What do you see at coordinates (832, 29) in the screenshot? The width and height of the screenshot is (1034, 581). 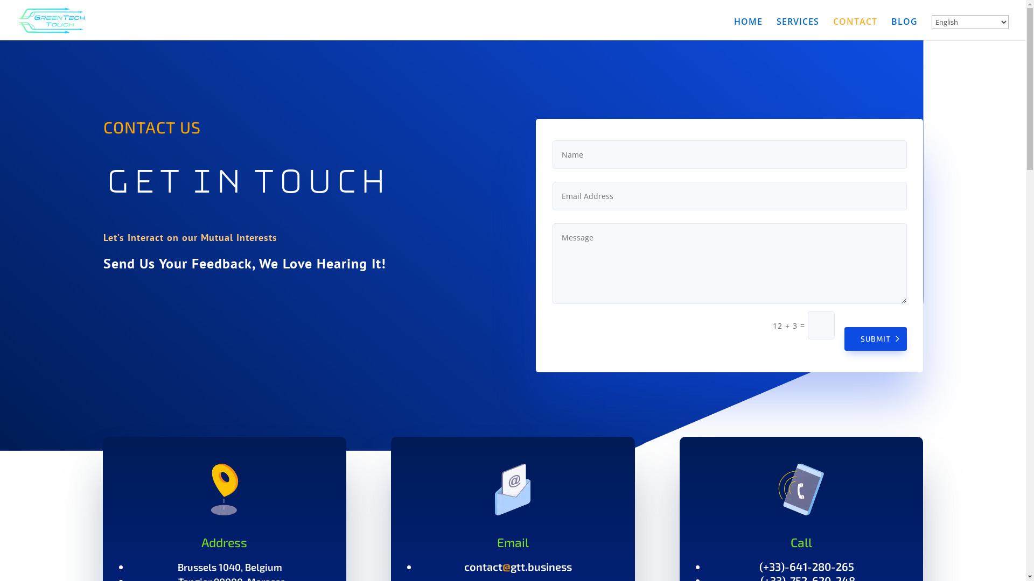 I see `'CONTACT'` at bounding box center [832, 29].